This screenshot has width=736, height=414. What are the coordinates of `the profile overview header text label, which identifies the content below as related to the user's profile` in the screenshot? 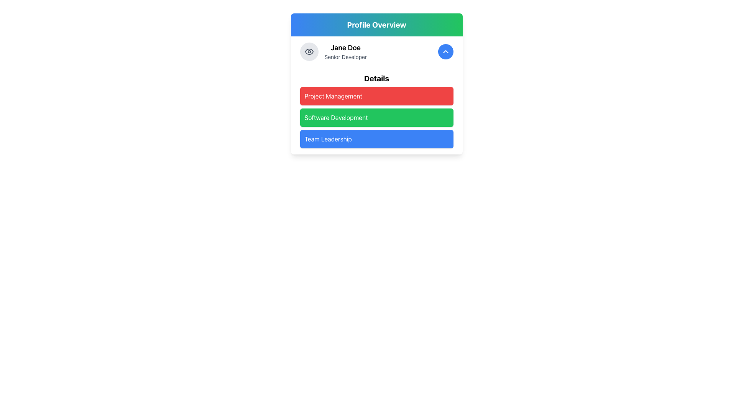 It's located at (376, 25).